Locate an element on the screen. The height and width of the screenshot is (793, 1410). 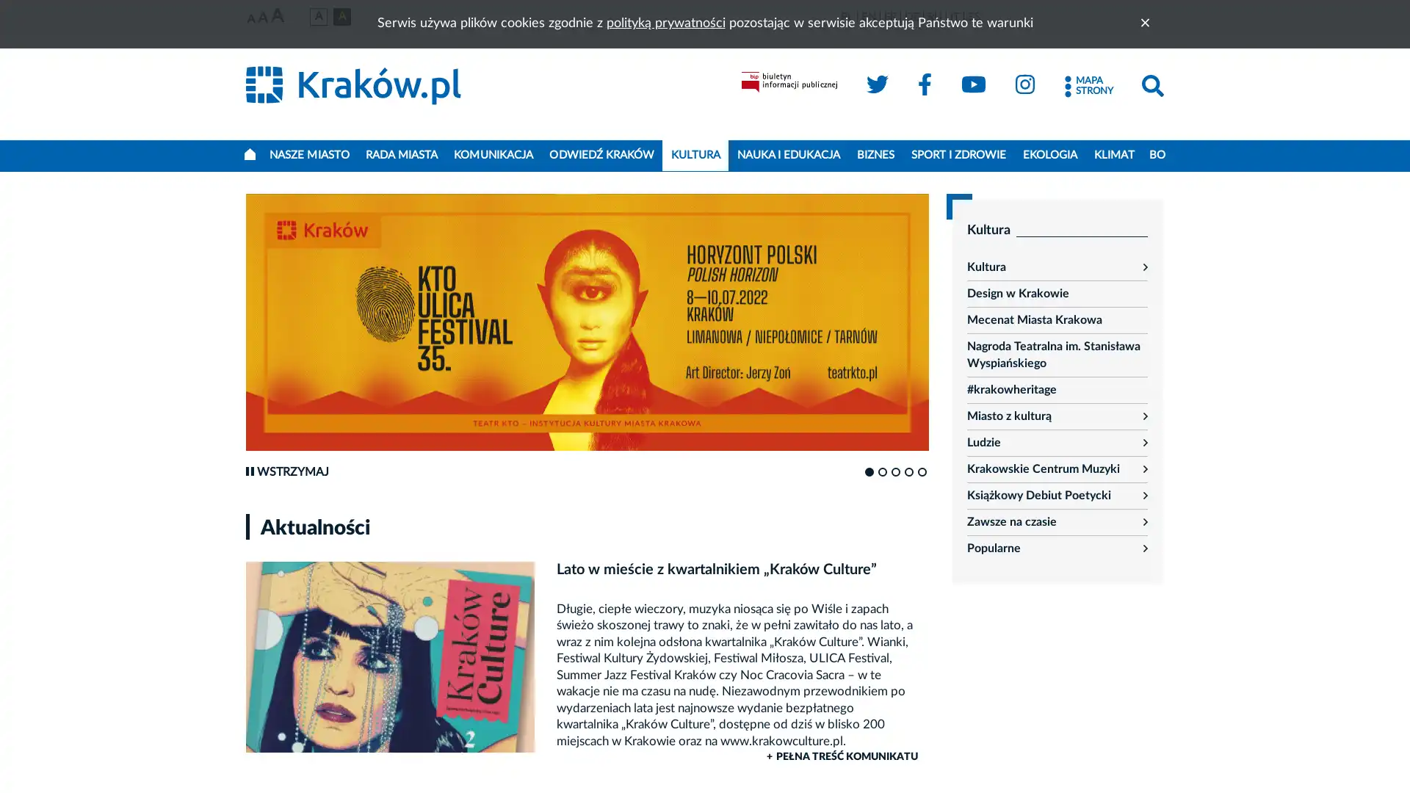
Wersja czarno-zota is located at coordinates (341, 16).